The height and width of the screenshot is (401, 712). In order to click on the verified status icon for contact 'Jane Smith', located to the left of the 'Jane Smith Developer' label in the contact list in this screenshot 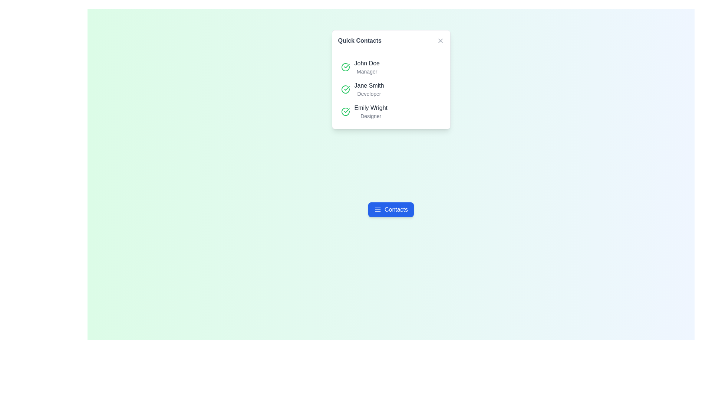, I will do `click(345, 89)`.